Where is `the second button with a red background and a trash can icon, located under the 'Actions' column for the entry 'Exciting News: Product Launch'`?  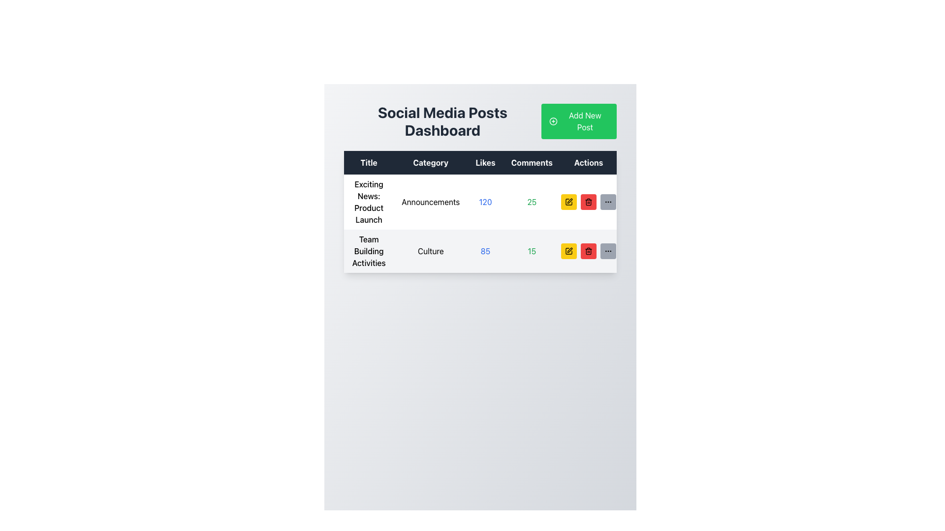 the second button with a red background and a trash can icon, located under the 'Actions' column for the entry 'Exciting News: Product Launch' is located at coordinates (588, 202).